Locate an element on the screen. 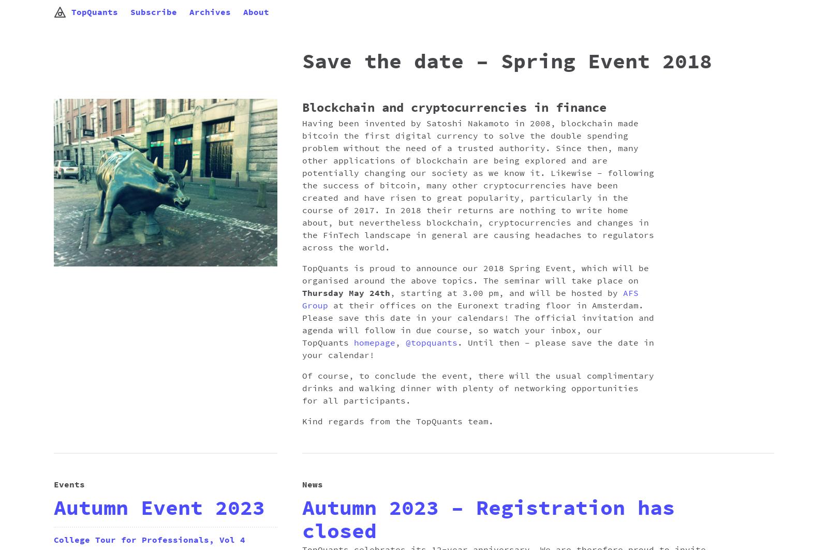 The height and width of the screenshot is (550, 828). 'Save the date – Spring Event 2018' is located at coordinates (506, 62).